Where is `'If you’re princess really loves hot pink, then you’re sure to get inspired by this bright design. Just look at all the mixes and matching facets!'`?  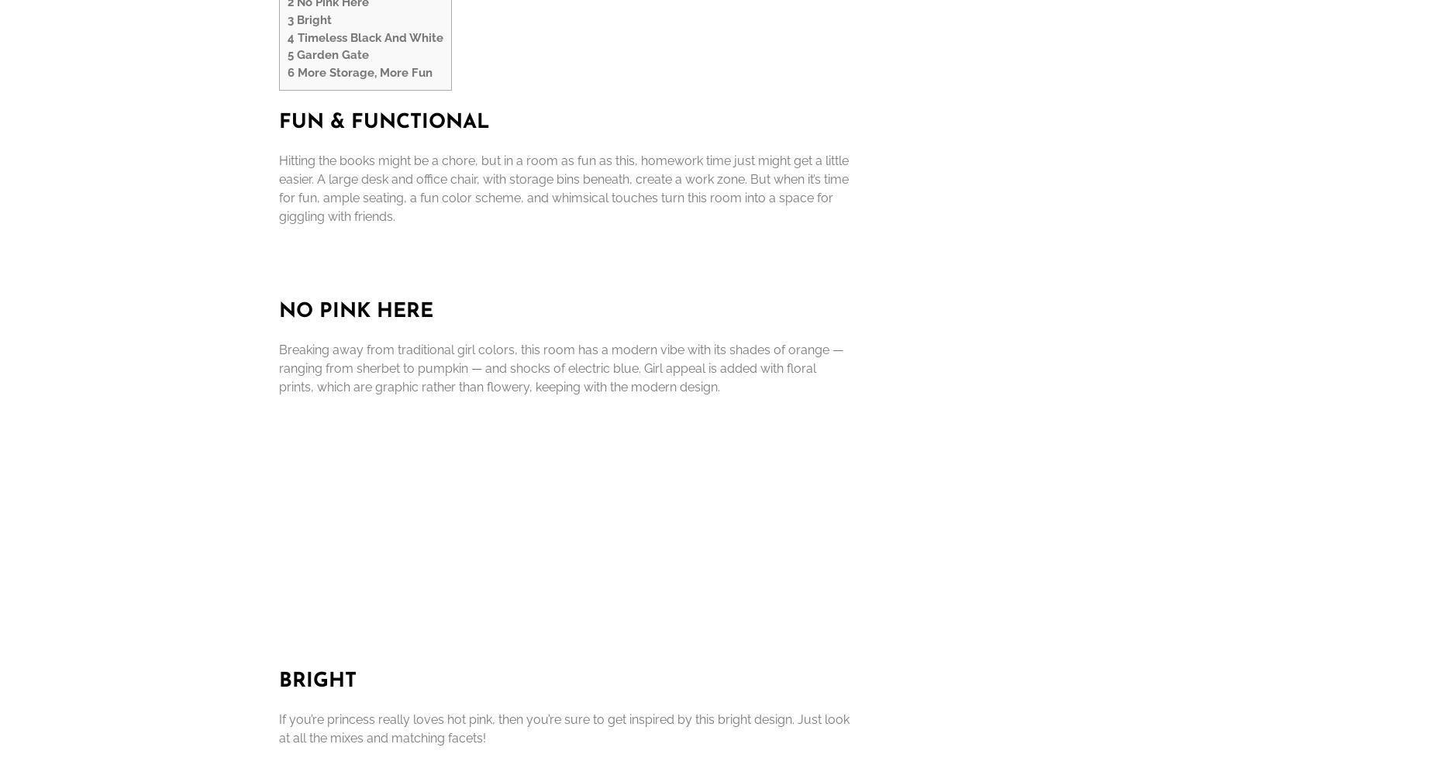 'If you’re princess really loves hot pink, then you’re sure to get inspired by this bright design. Just look at all the mixes and matching facets!' is located at coordinates (564, 727).